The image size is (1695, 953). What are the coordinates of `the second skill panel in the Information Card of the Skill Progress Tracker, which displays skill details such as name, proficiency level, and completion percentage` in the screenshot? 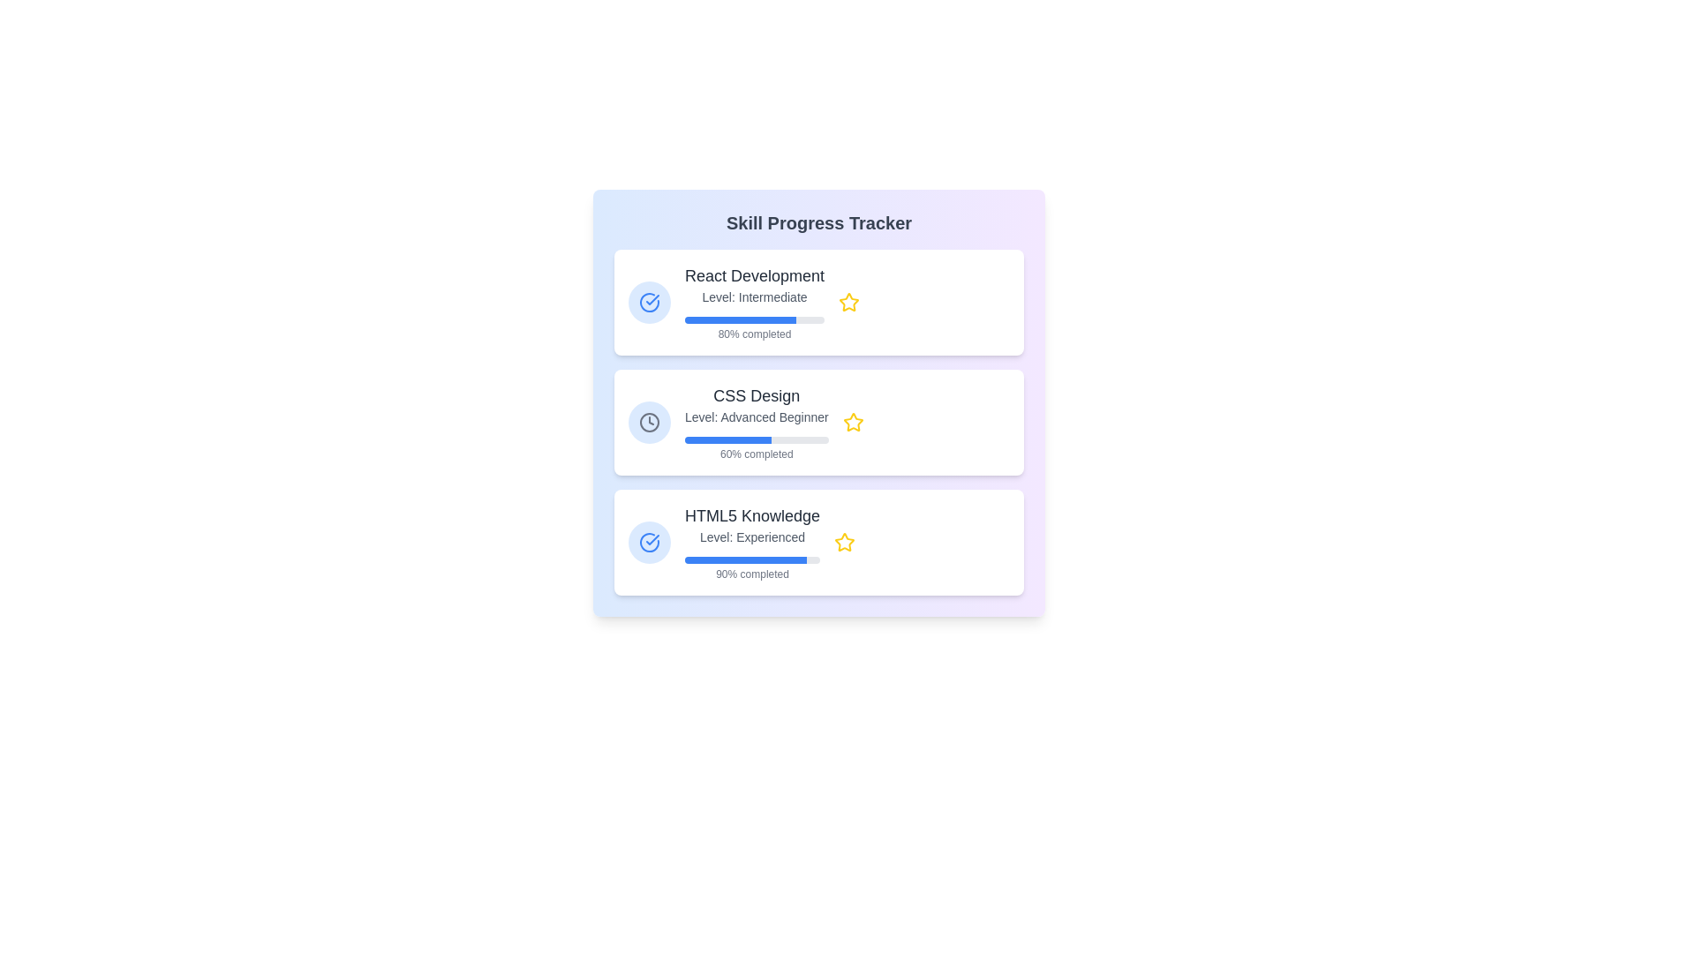 It's located at (817, 422).